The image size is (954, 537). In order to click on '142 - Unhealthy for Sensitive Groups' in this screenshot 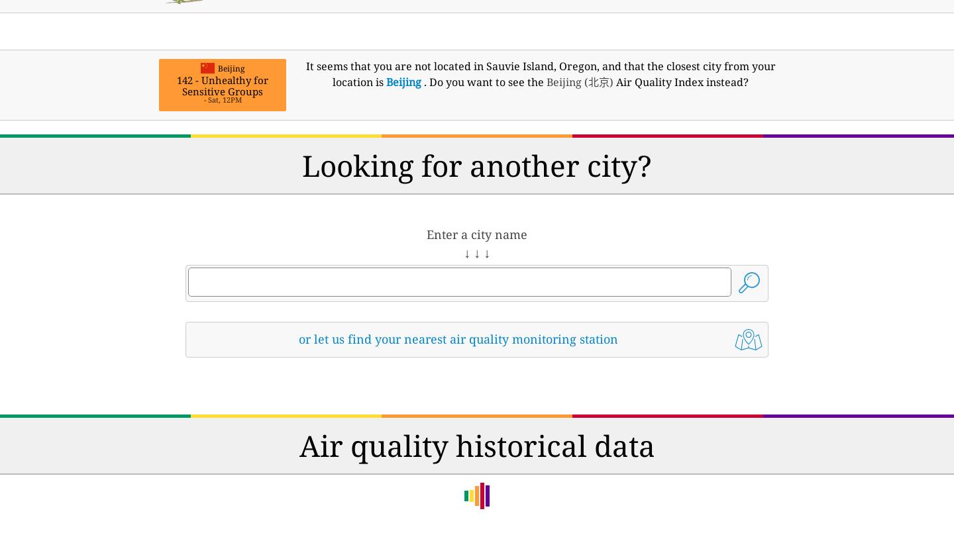, I will do `click(176, 85)`.